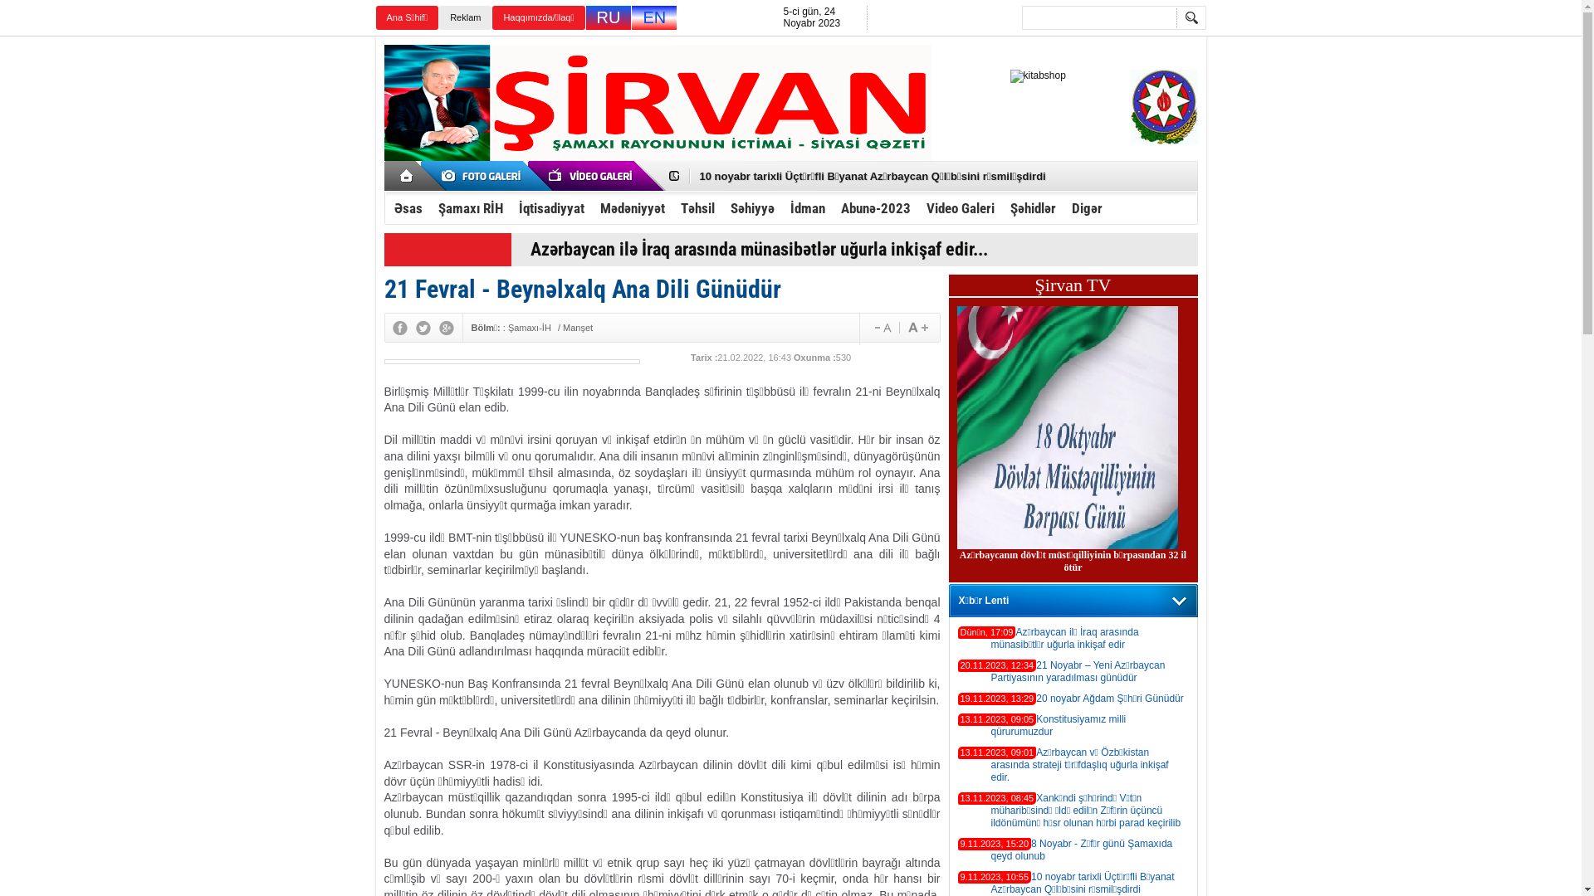  I want to click on 'EN', so click(653, 17).